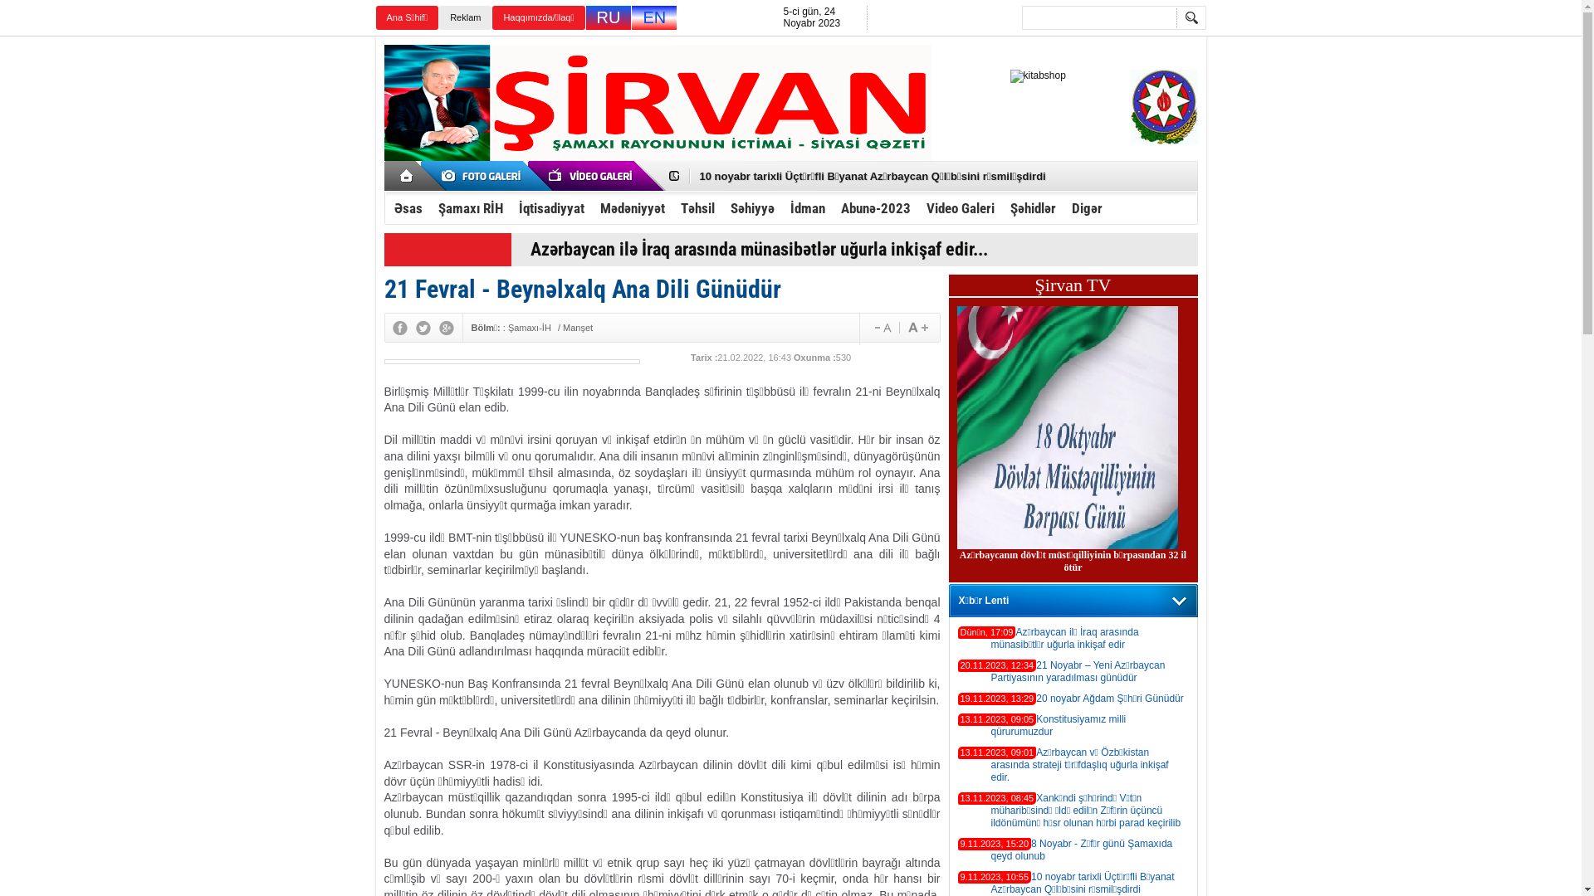  I want to click on 'EN', so click(653, 17).